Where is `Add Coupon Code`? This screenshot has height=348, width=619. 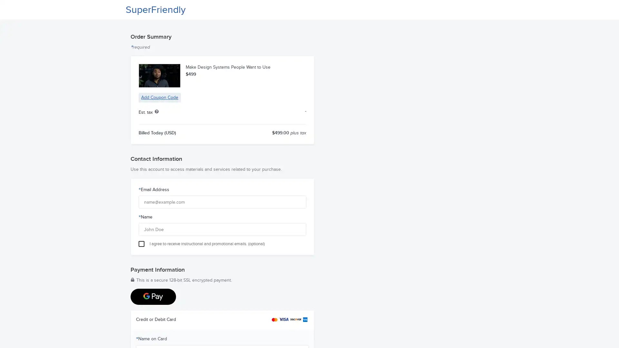
Add Coupon Code is located at coordinates (160, 97).